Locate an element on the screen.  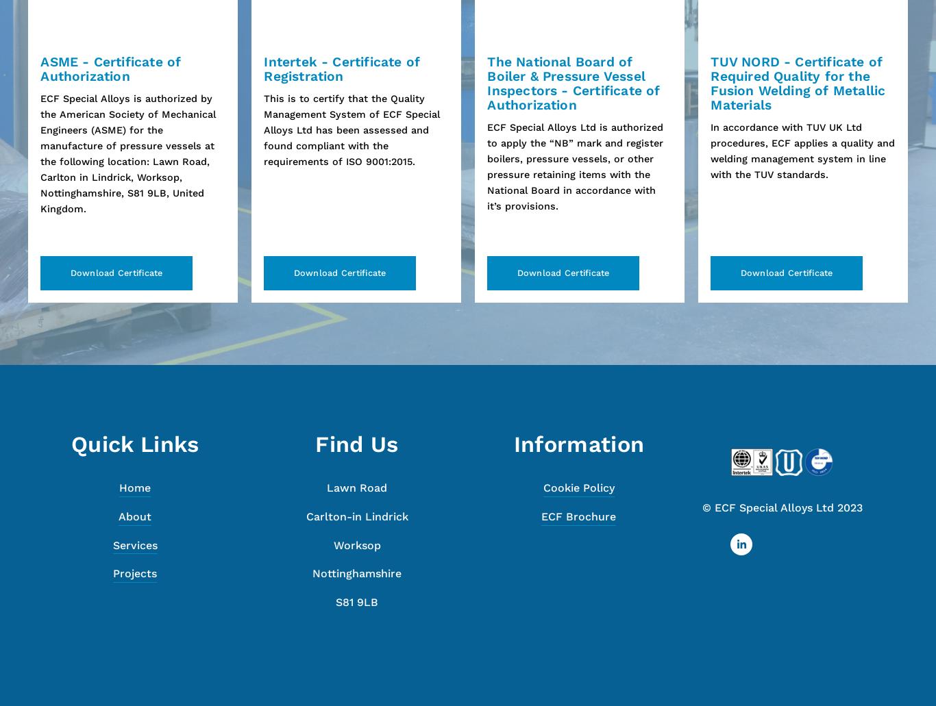
'Home' is located at coordinates (119, 488).